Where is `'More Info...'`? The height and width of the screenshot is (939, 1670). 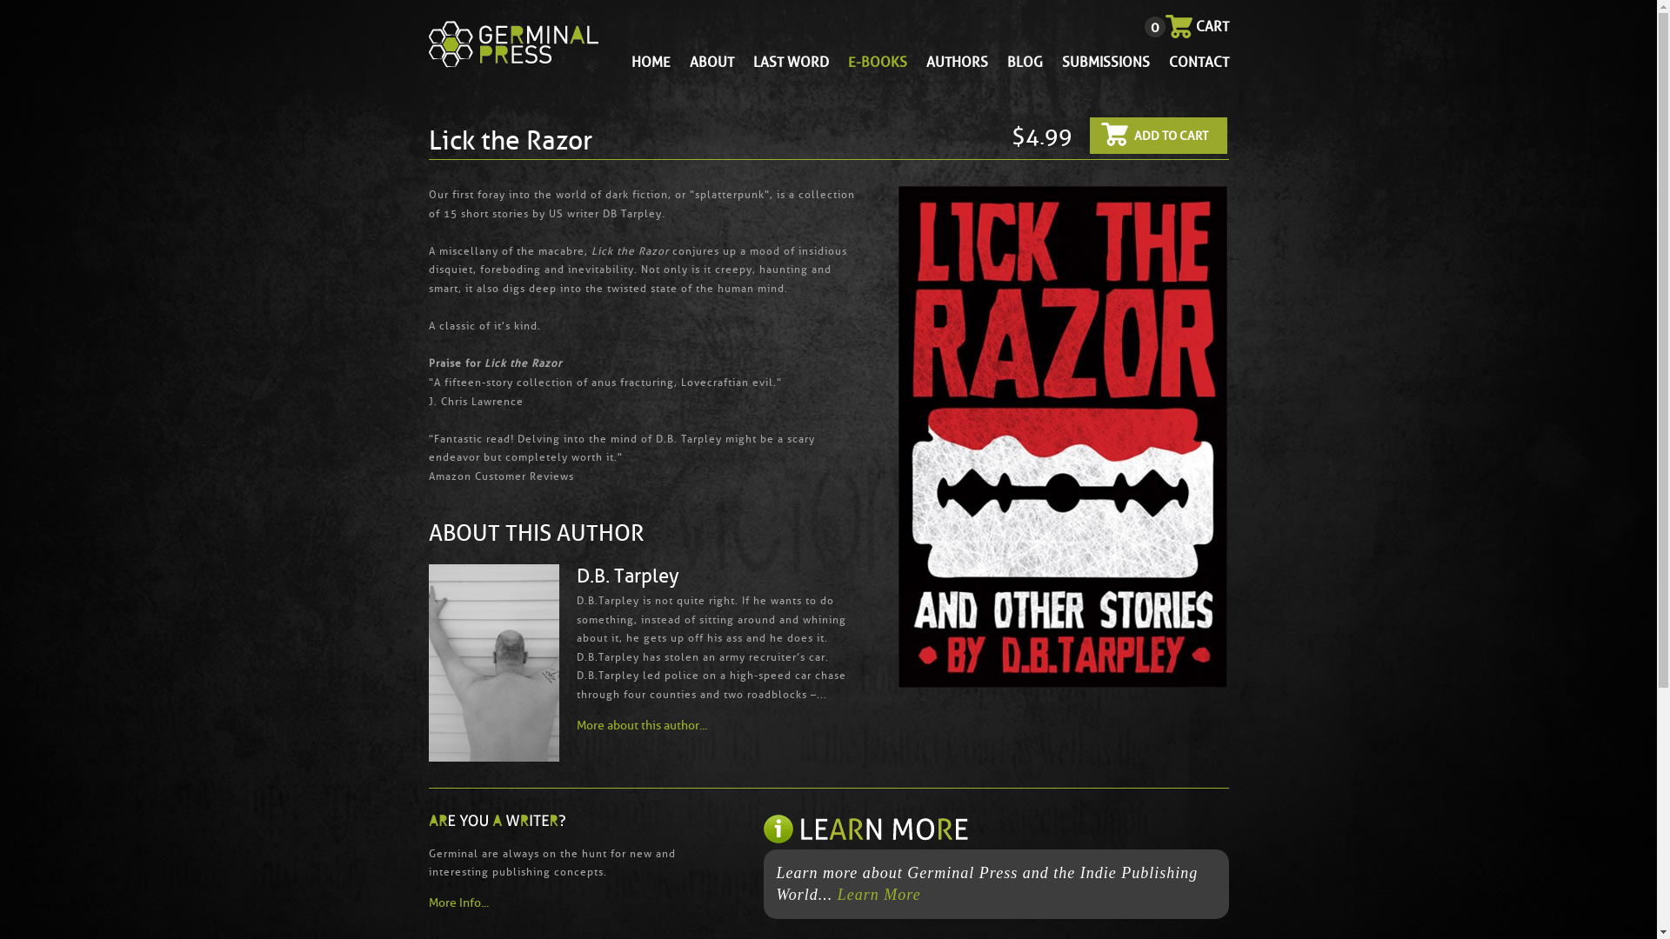 'More Info...' is located at coordinates (555, 902).